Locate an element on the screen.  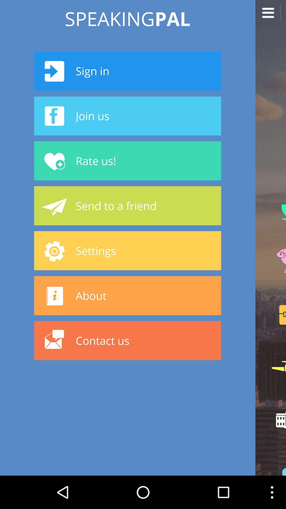
manu is located at coordinates (271, 15).